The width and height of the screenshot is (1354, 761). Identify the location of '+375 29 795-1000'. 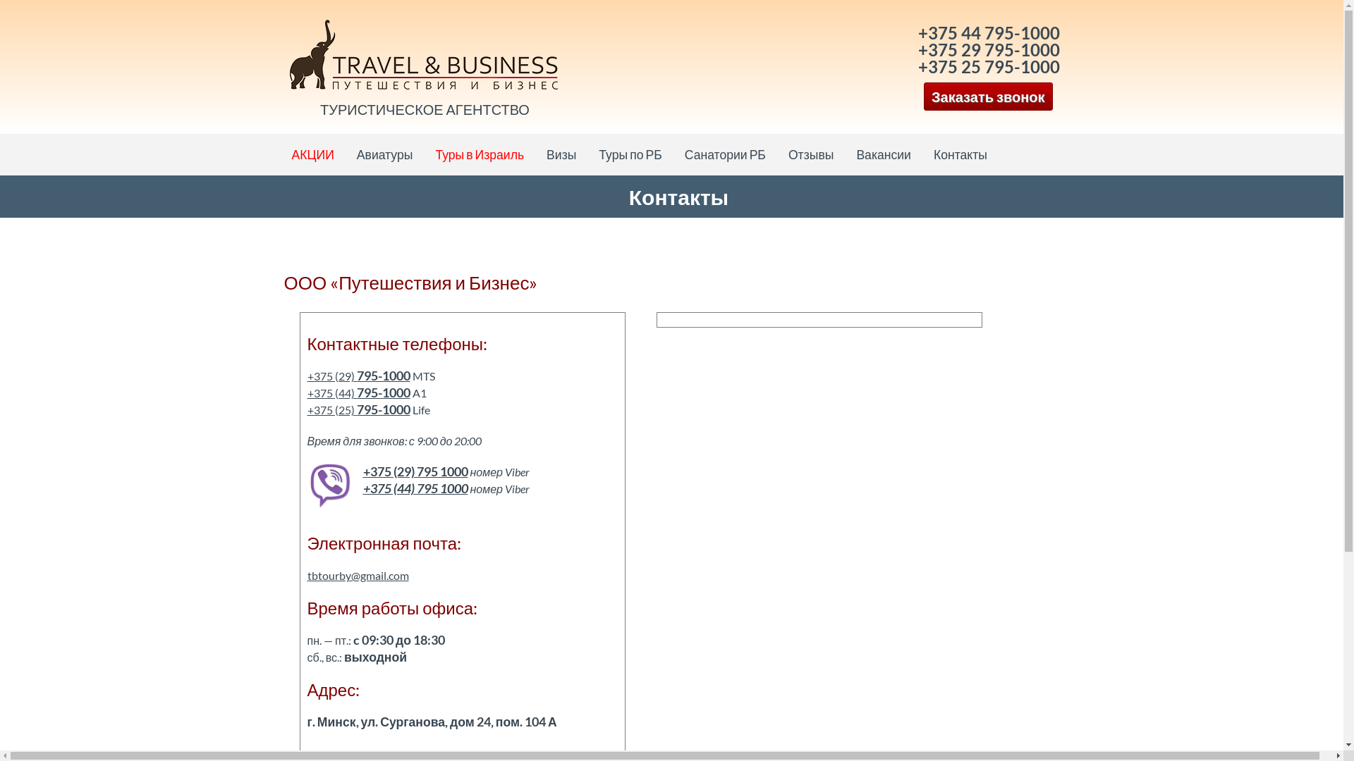
(917, 49).